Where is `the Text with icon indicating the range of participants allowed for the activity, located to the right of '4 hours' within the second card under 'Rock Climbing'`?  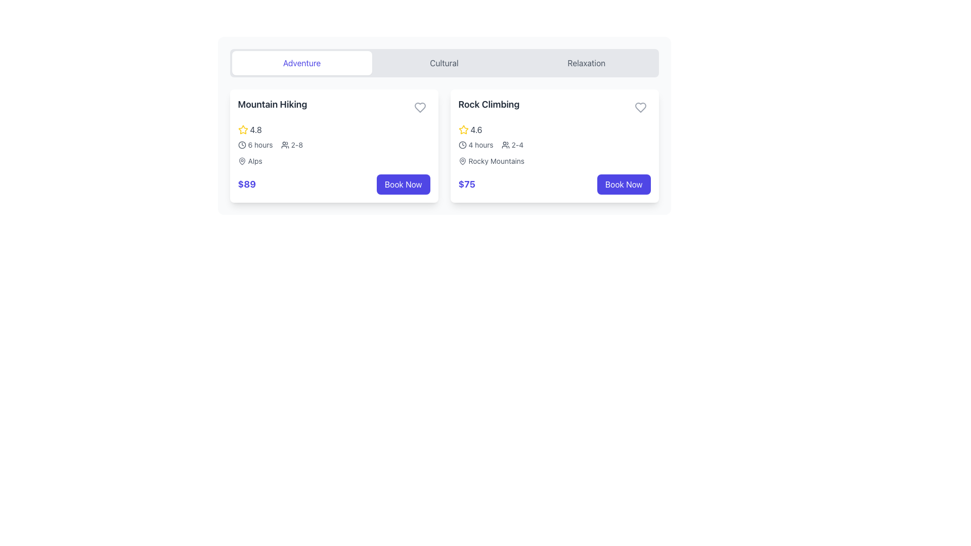
the Text with icon indicating the range of participants allowed for the activity, located to the right of '4 hours' within the second card under 'Rock Climbing' is located at coordinates (512, 145).